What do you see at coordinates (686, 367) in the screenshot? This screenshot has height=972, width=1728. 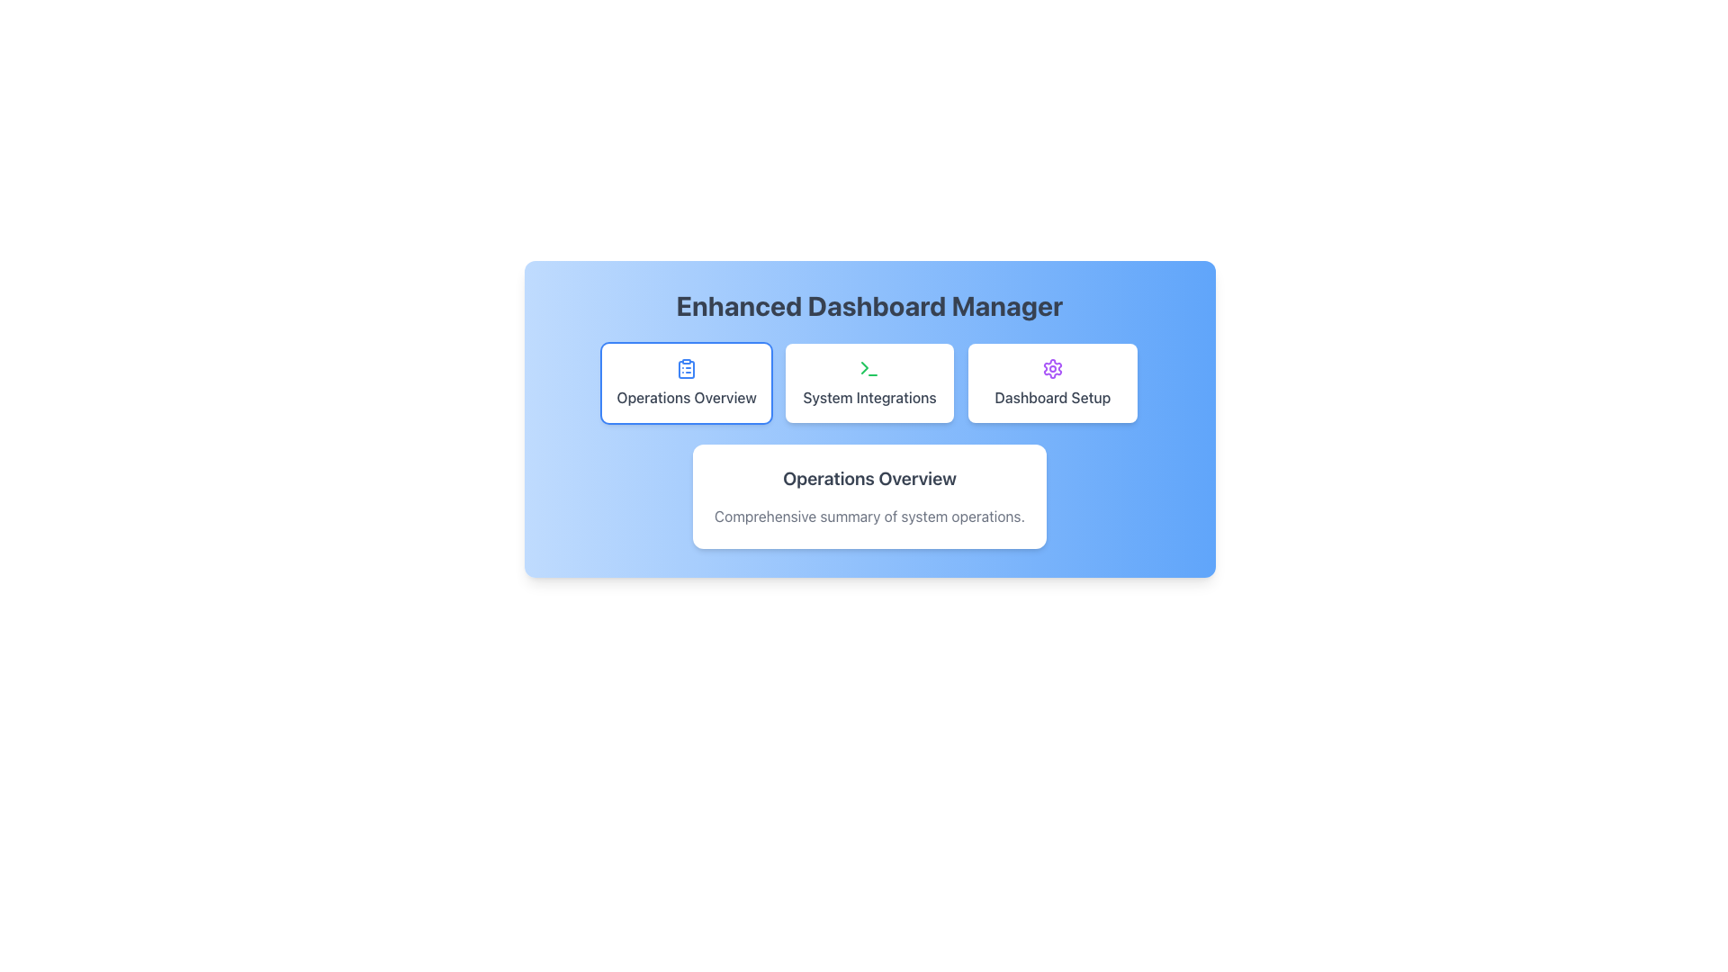 I see `the blue clipboard list icon located at the top center of the 'Operations Overview' card` at bounding box center [686, 367].